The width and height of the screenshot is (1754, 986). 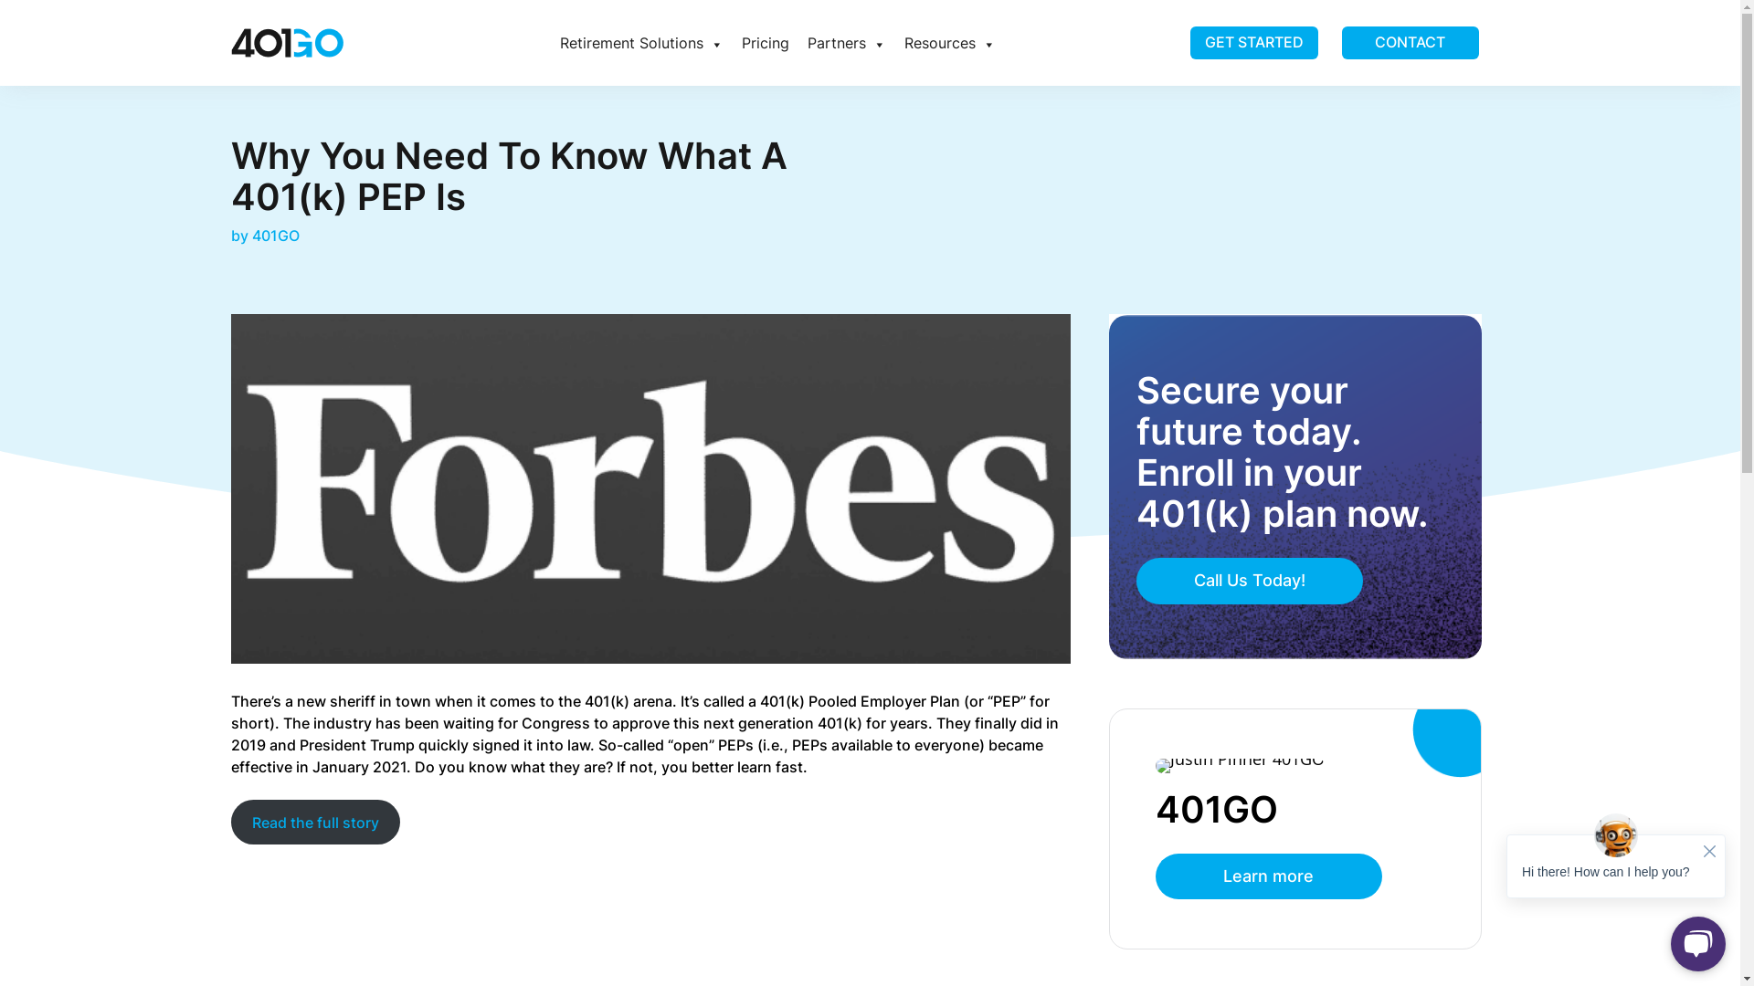 What do you see at coordinates (766, 41) in the screenshot?
I see `'Pricing'` at bounding box center [766, 41].